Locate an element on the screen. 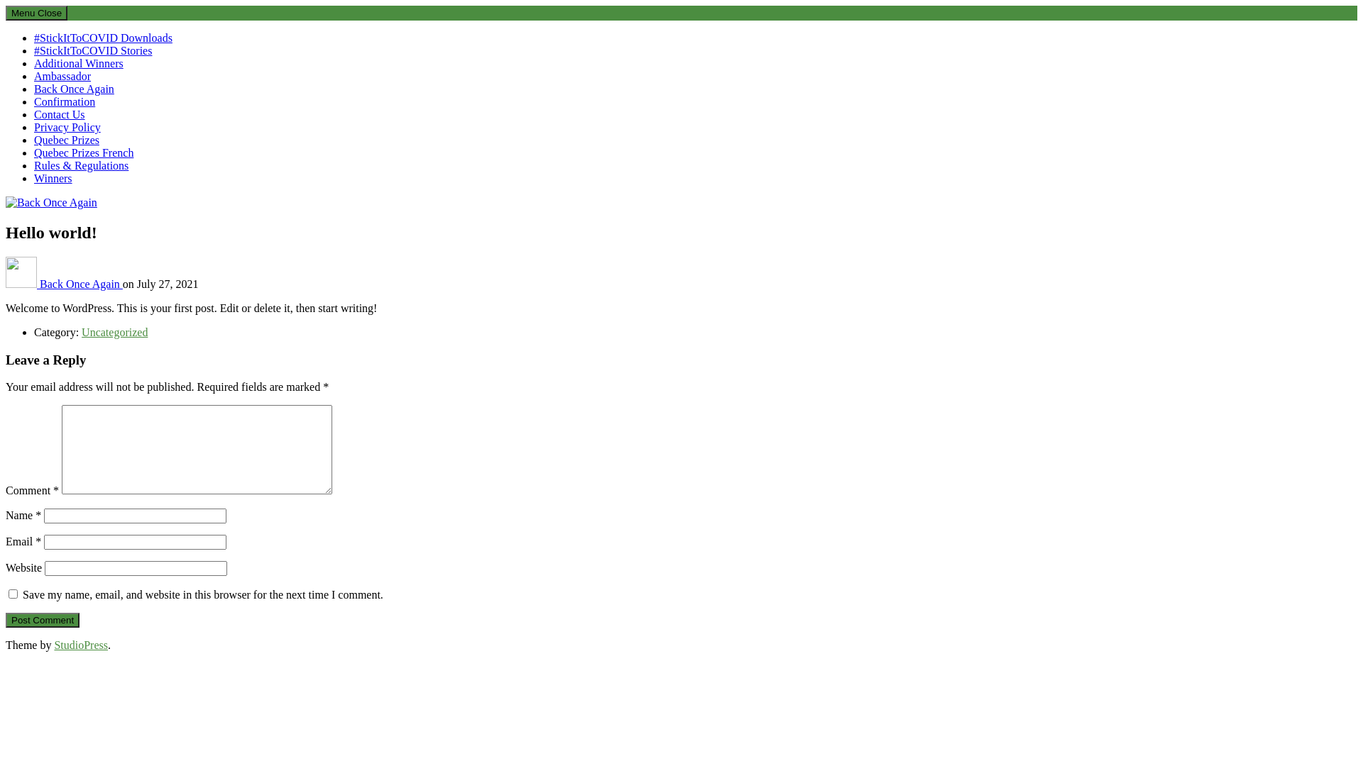  'Ambassador' is located at coordinates (61, 76).